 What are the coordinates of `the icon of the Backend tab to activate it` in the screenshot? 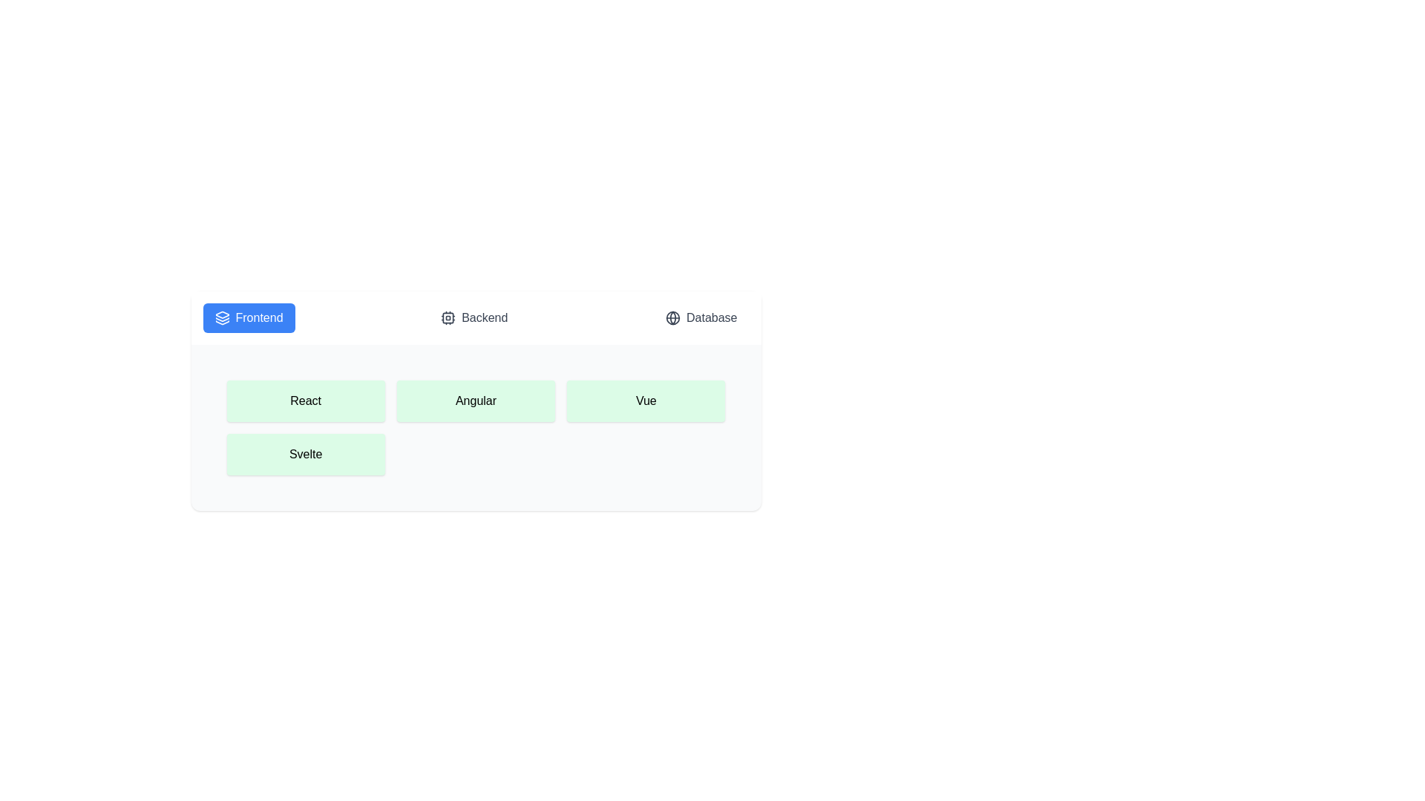 It's located at (448, 317).